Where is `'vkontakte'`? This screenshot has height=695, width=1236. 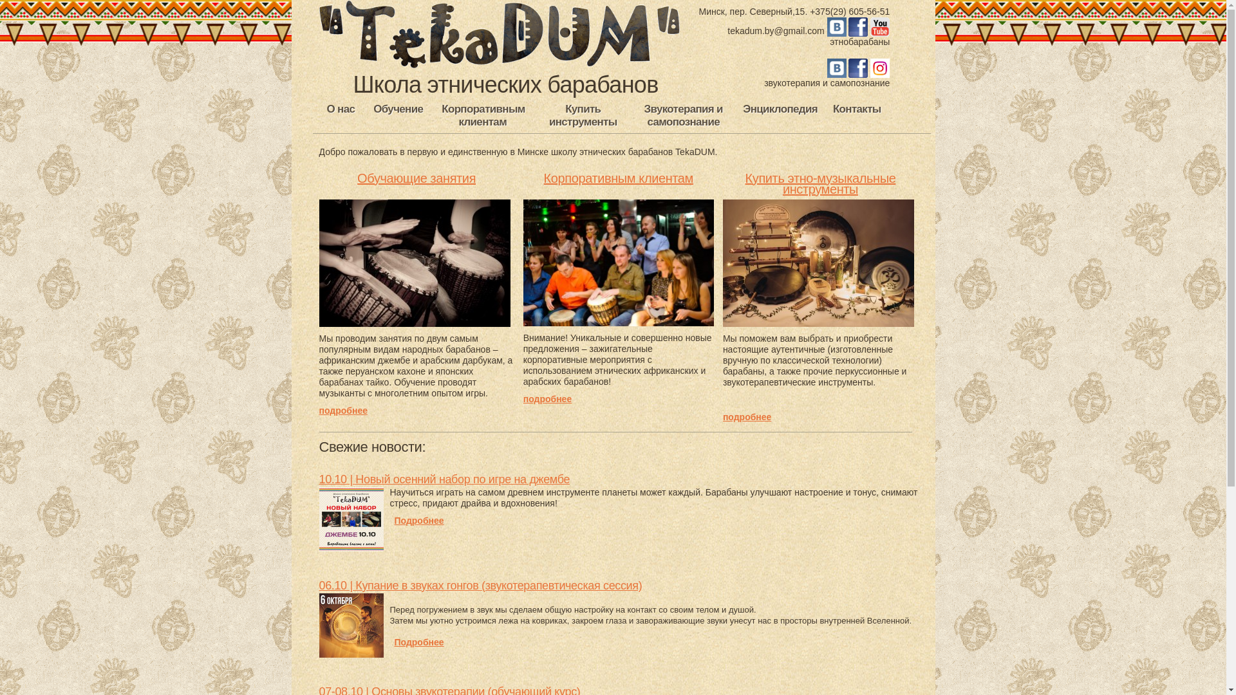 'vkontakte' is located at coordinates (827, 71).